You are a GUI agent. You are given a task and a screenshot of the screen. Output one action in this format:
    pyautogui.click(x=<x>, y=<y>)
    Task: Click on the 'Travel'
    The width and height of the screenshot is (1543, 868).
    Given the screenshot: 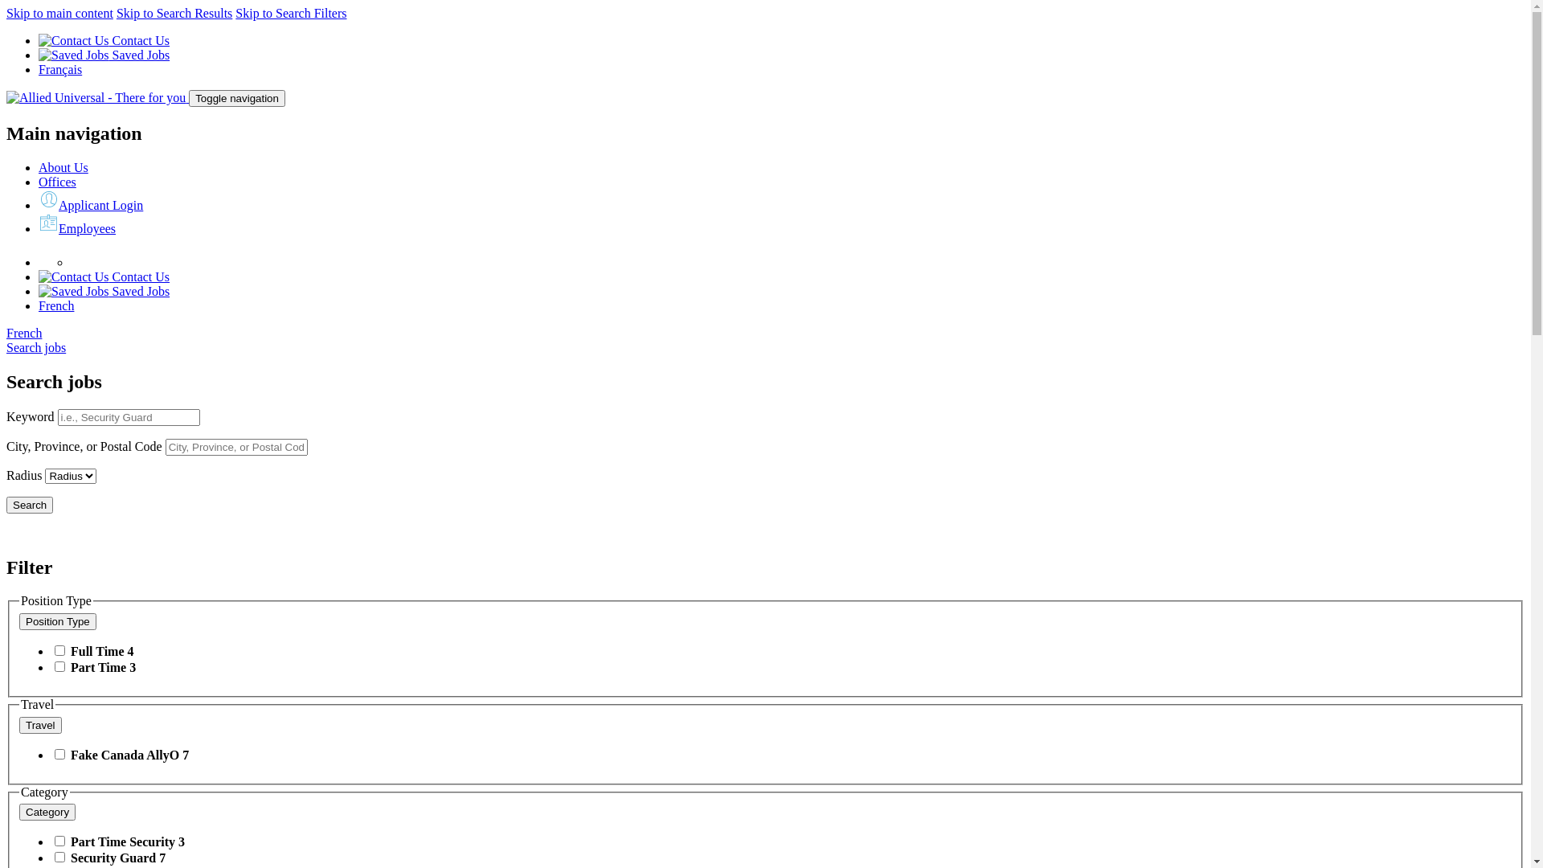 What is the action you would take?
    pyautogui.click(x=19, y=725)
    